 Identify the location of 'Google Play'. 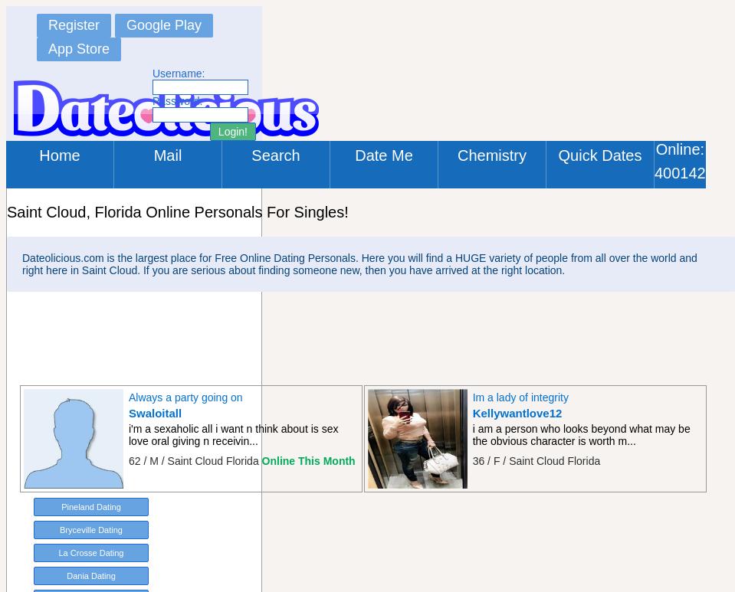
(163, 25).